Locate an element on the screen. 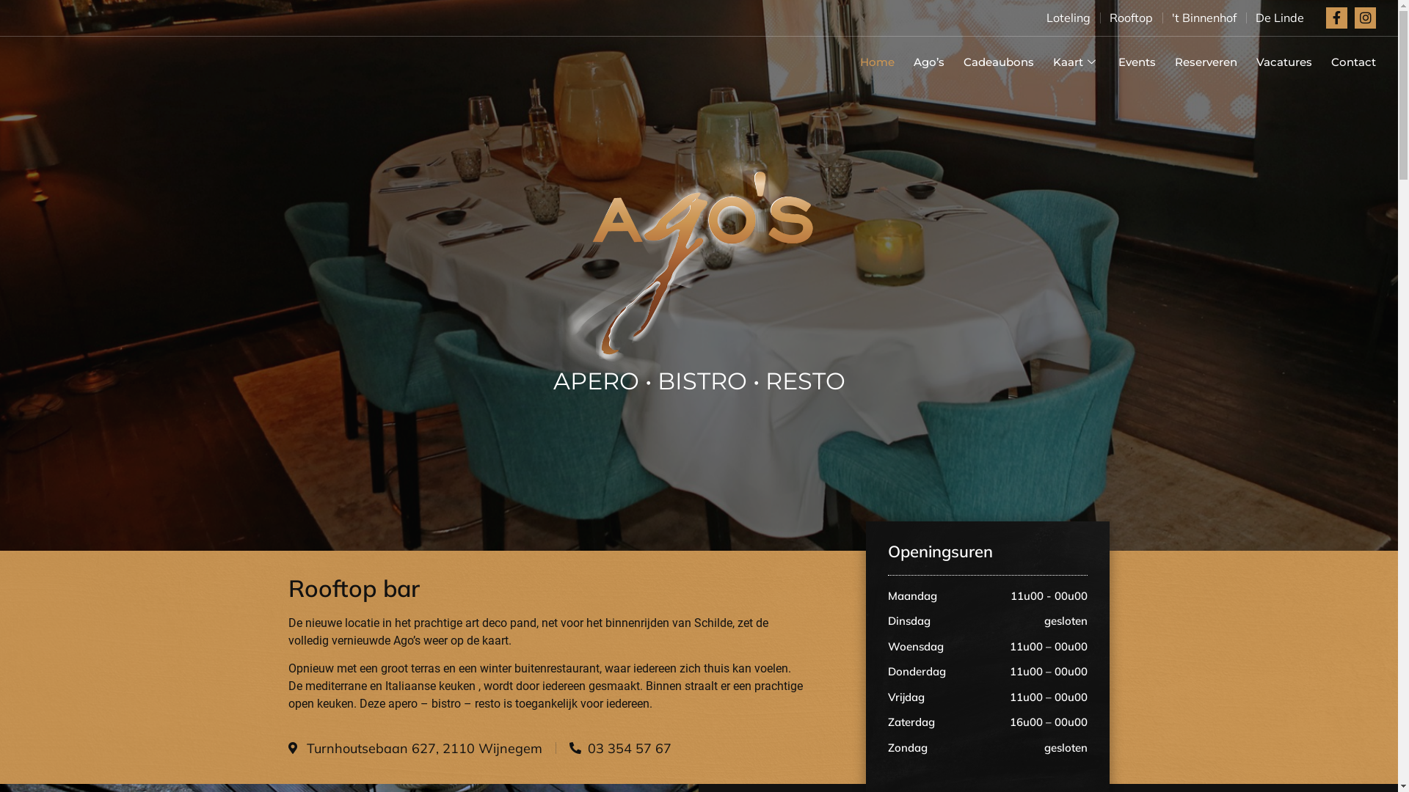 This screenshot has width=1409, height=792. 'Turnhoutsebaan 627, 2110 Wijnegem' is located at coordinates (414, 748).